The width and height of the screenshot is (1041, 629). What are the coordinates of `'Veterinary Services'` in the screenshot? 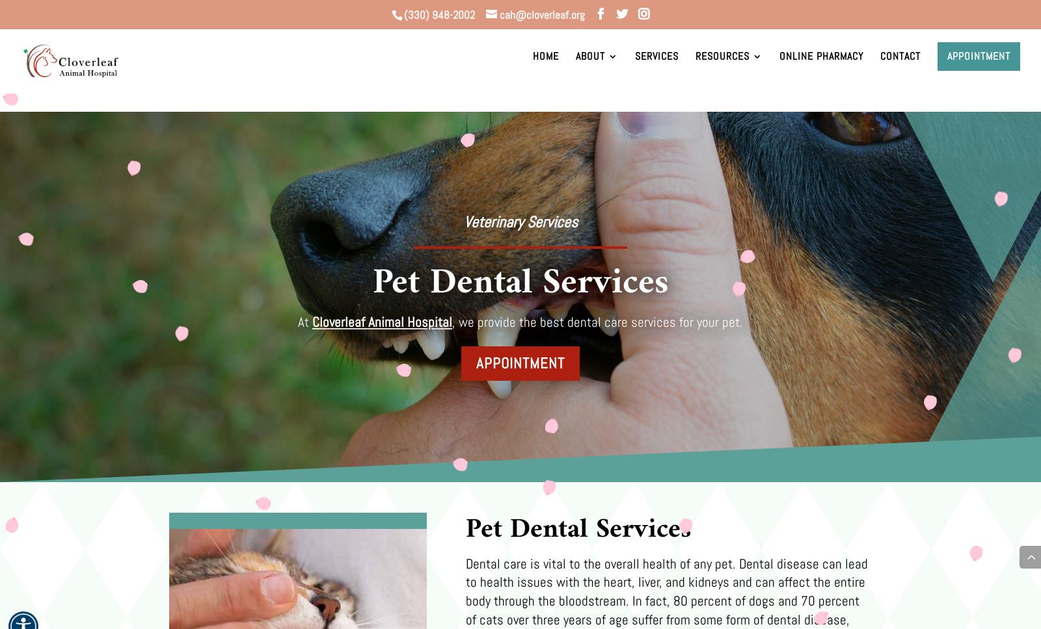 It's located at (520, 222).